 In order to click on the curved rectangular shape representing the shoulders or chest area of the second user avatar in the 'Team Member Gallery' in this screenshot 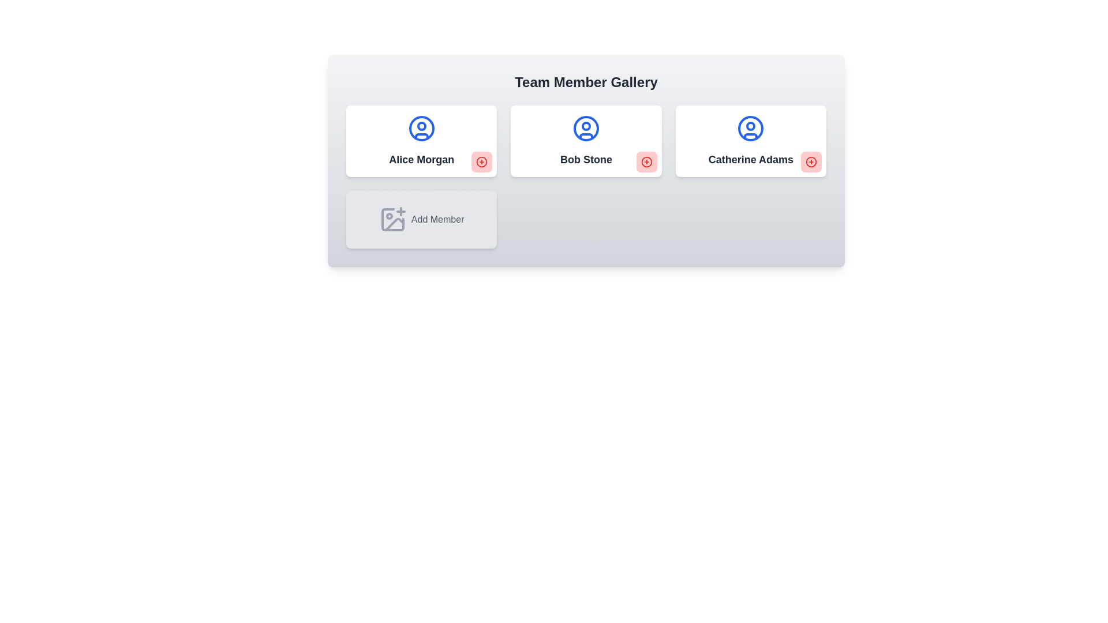, I will do `click(586, 136)`.